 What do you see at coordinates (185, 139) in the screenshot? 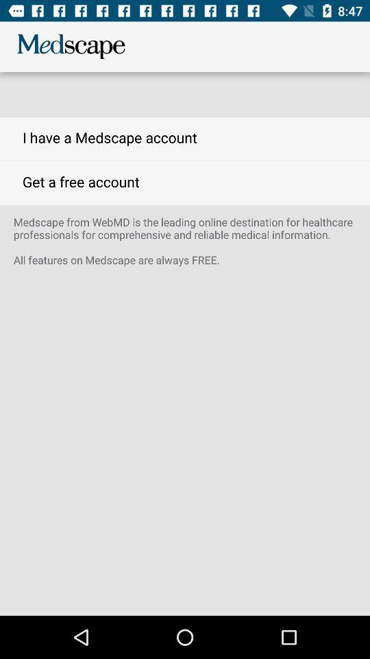
I see `i have a icon` at bounding box center [185, 139].